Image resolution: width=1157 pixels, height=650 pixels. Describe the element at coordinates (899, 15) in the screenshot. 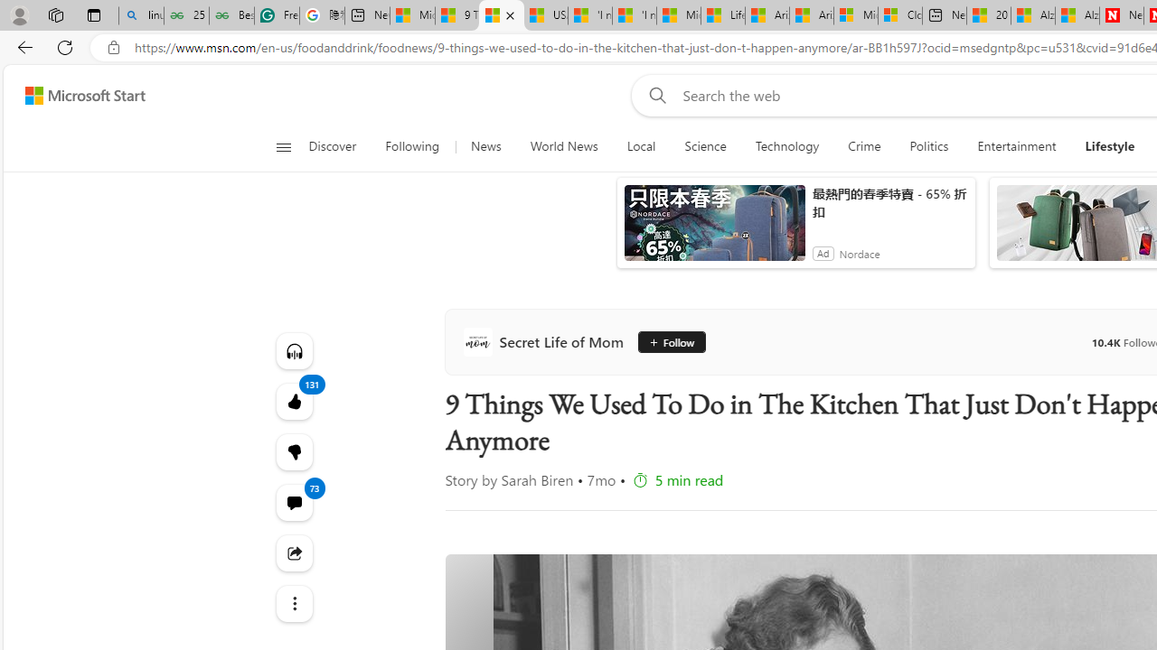

I see `'Cloud Computing Services | Microsoft Azure'` at that location.